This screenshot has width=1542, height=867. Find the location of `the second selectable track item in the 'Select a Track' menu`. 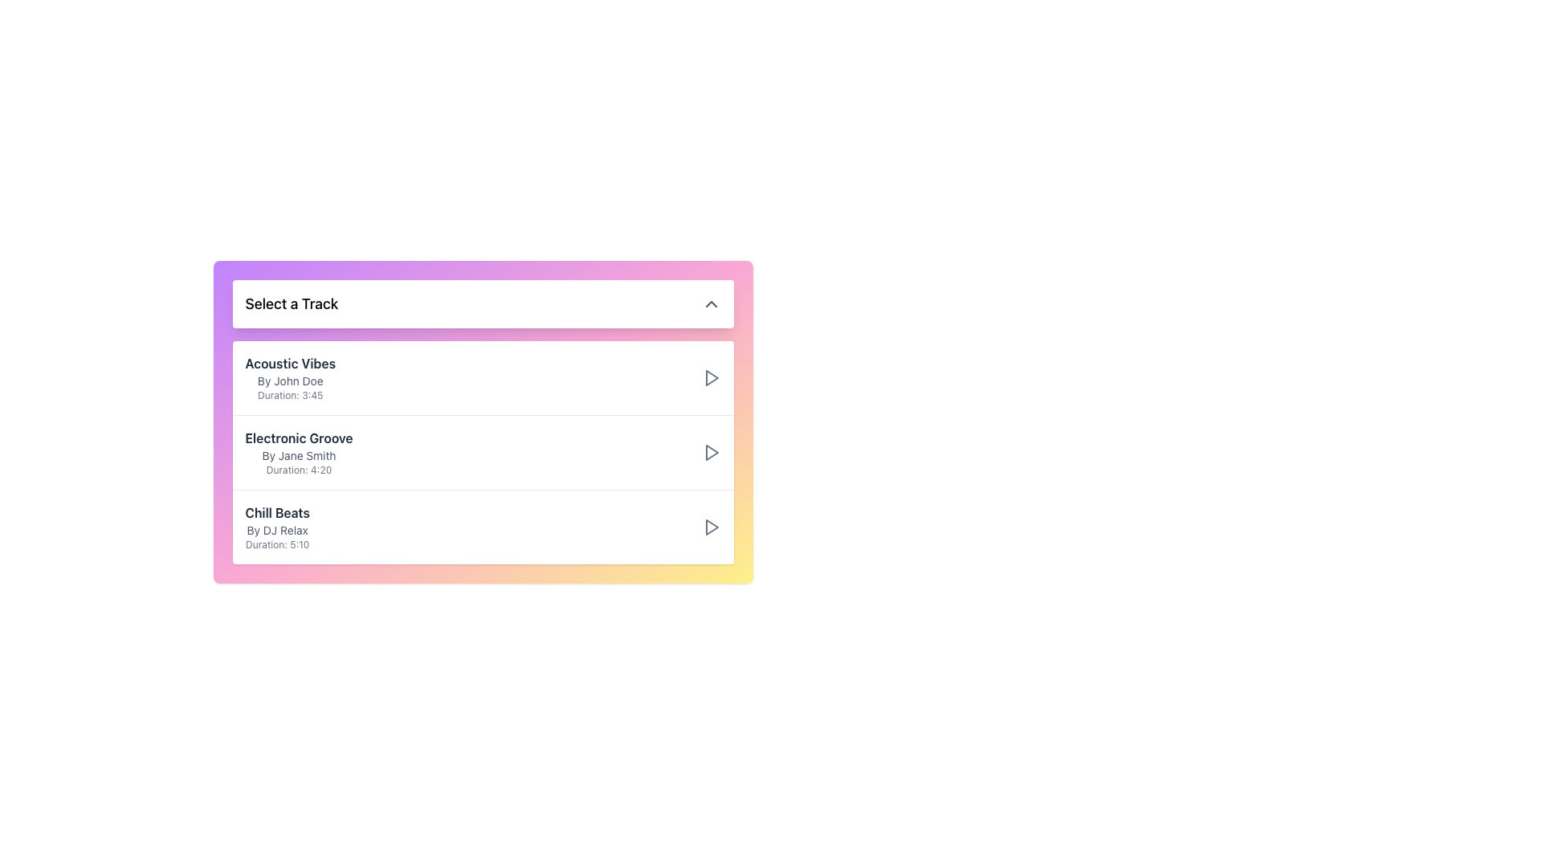

the second selectable track item in the 'Select a Track' menu is located at coordinates (299, 452).